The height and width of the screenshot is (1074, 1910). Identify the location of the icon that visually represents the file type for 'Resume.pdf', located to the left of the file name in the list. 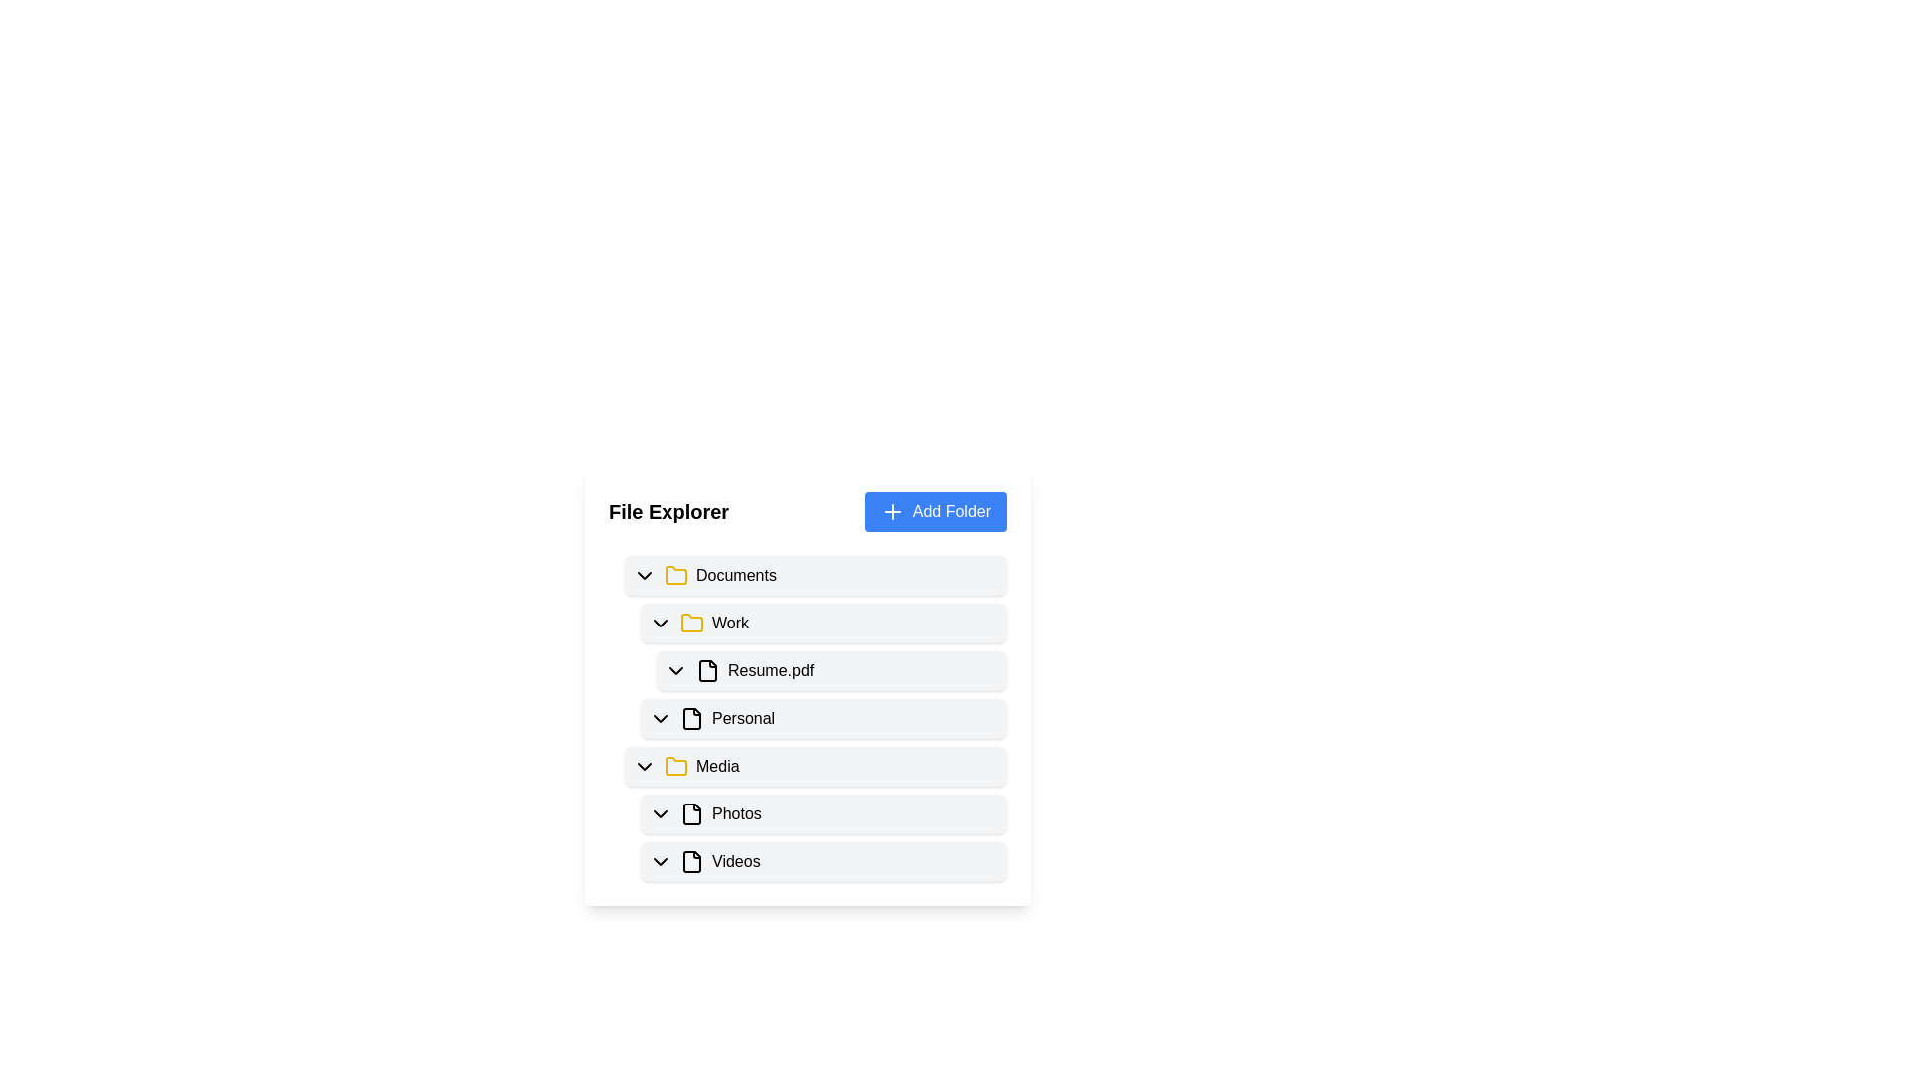
(707, 671).